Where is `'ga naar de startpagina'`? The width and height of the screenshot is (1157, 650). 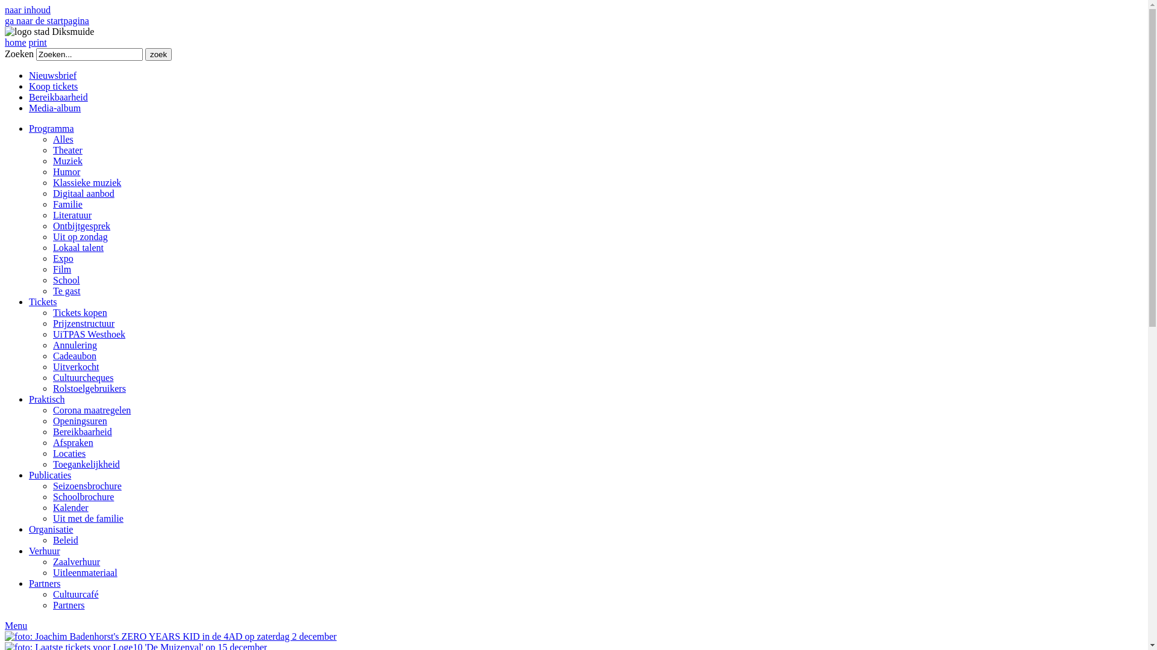
'ga naar de startpagina' is located at coordinates (5, 20).